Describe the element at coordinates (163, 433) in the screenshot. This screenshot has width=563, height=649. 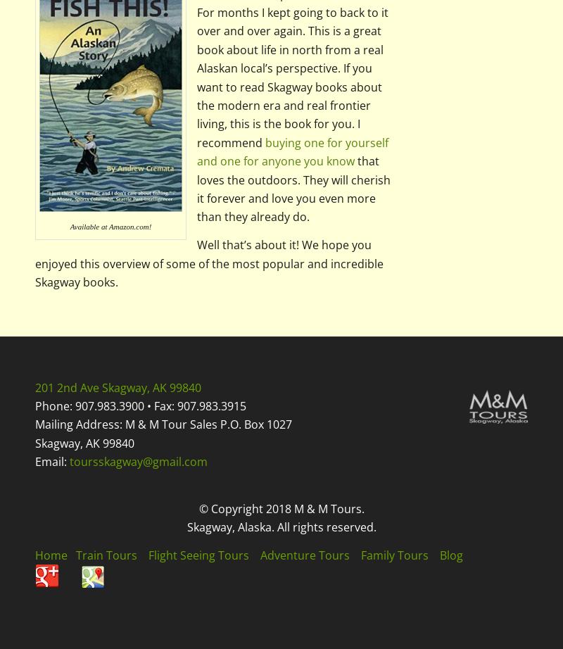
I see `'Mailing Address: M & M Tour Sales P.O. Box 1027 Skagway, AK 99840'` at that location.